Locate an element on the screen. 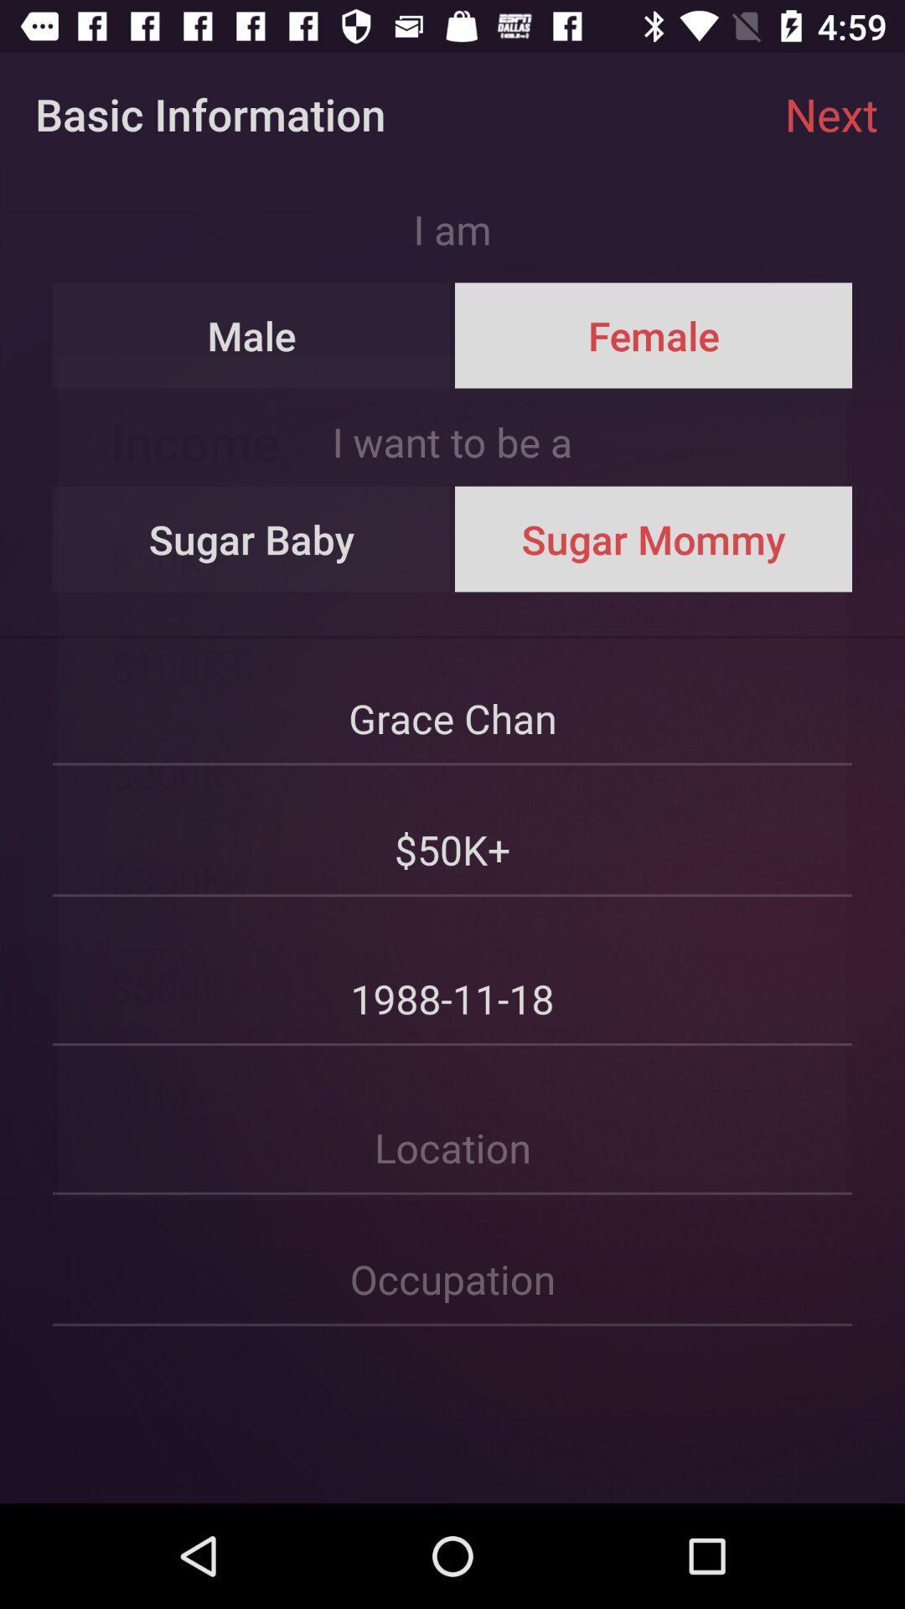 Image resolution: width=905 pixels, height=1609 pixels. female is located at coordinates (652, 335).